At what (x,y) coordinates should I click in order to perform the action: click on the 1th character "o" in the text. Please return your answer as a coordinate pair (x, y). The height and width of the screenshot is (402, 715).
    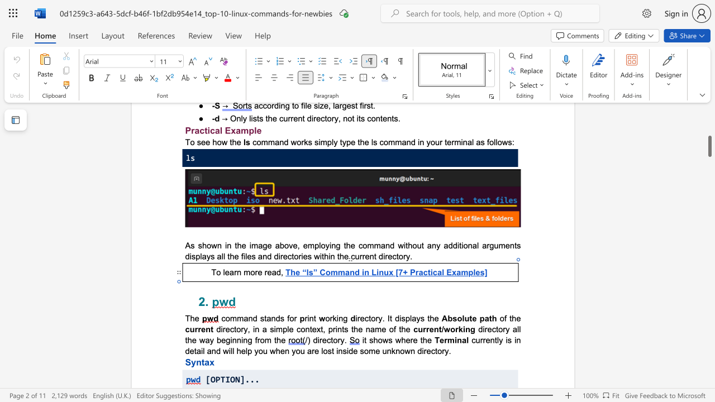
    Looking at the image, I should click on (209, 245).